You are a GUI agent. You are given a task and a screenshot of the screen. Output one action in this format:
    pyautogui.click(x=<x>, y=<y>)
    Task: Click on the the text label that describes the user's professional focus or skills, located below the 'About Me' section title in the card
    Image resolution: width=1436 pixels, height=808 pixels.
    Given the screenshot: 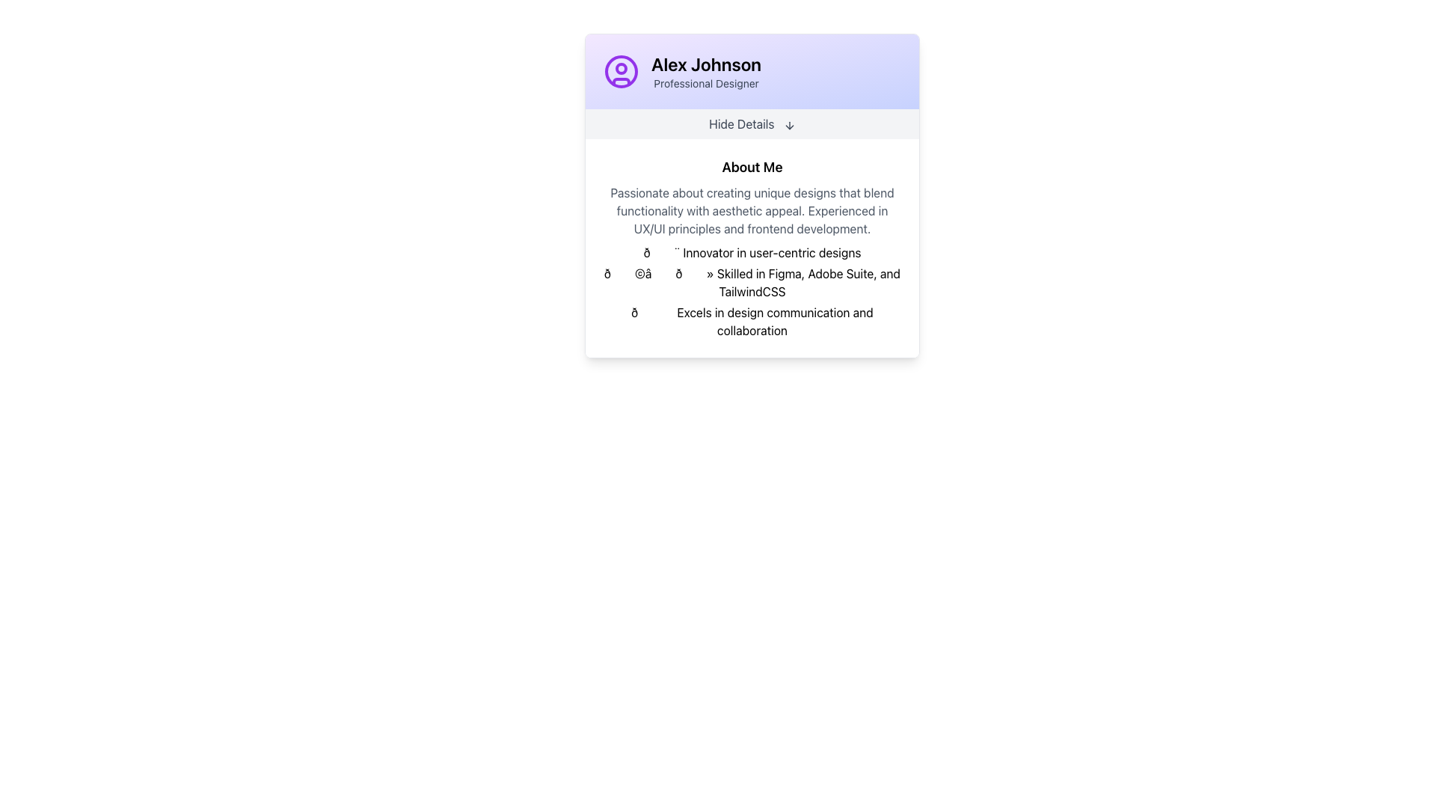 What is the action you would take?
    pyautogui.click(x=752, y=252)
    